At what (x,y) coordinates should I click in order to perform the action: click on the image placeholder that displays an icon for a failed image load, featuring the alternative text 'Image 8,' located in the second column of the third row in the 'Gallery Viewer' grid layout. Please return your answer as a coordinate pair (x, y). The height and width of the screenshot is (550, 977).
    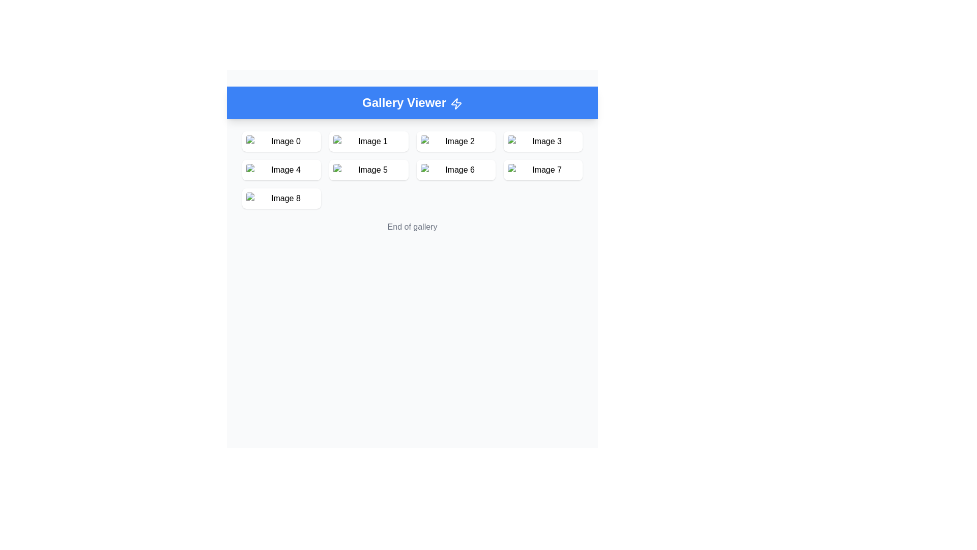
    Looking at the image, I should click on (281, 198).